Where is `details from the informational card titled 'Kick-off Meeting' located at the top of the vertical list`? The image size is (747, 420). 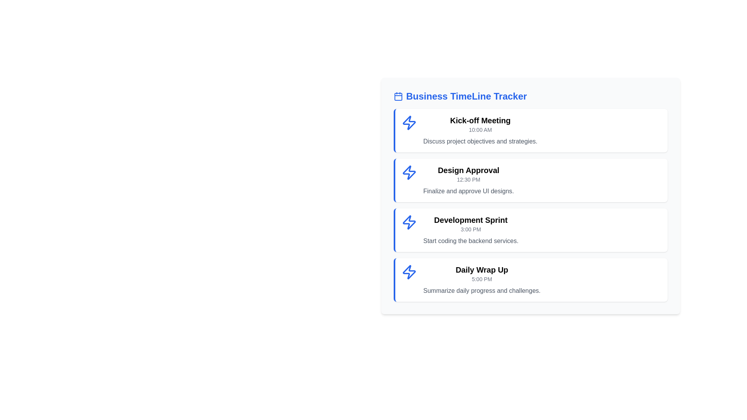
details from the informational card titled 'Kick-off Meeting' located at the top of the vertical list is located at coordinates (480, 130).